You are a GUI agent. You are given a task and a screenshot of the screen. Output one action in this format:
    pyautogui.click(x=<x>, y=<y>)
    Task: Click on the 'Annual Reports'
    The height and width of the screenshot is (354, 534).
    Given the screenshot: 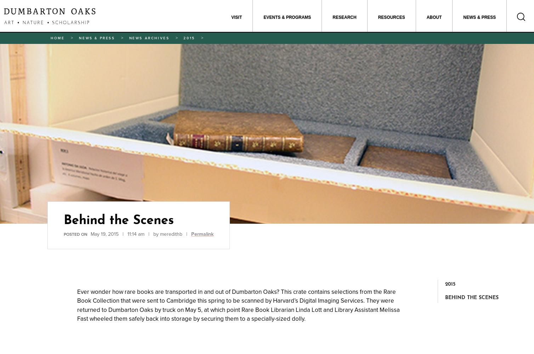 What is the action you would take?
    pyautogui.click(x=307, y=44)
    